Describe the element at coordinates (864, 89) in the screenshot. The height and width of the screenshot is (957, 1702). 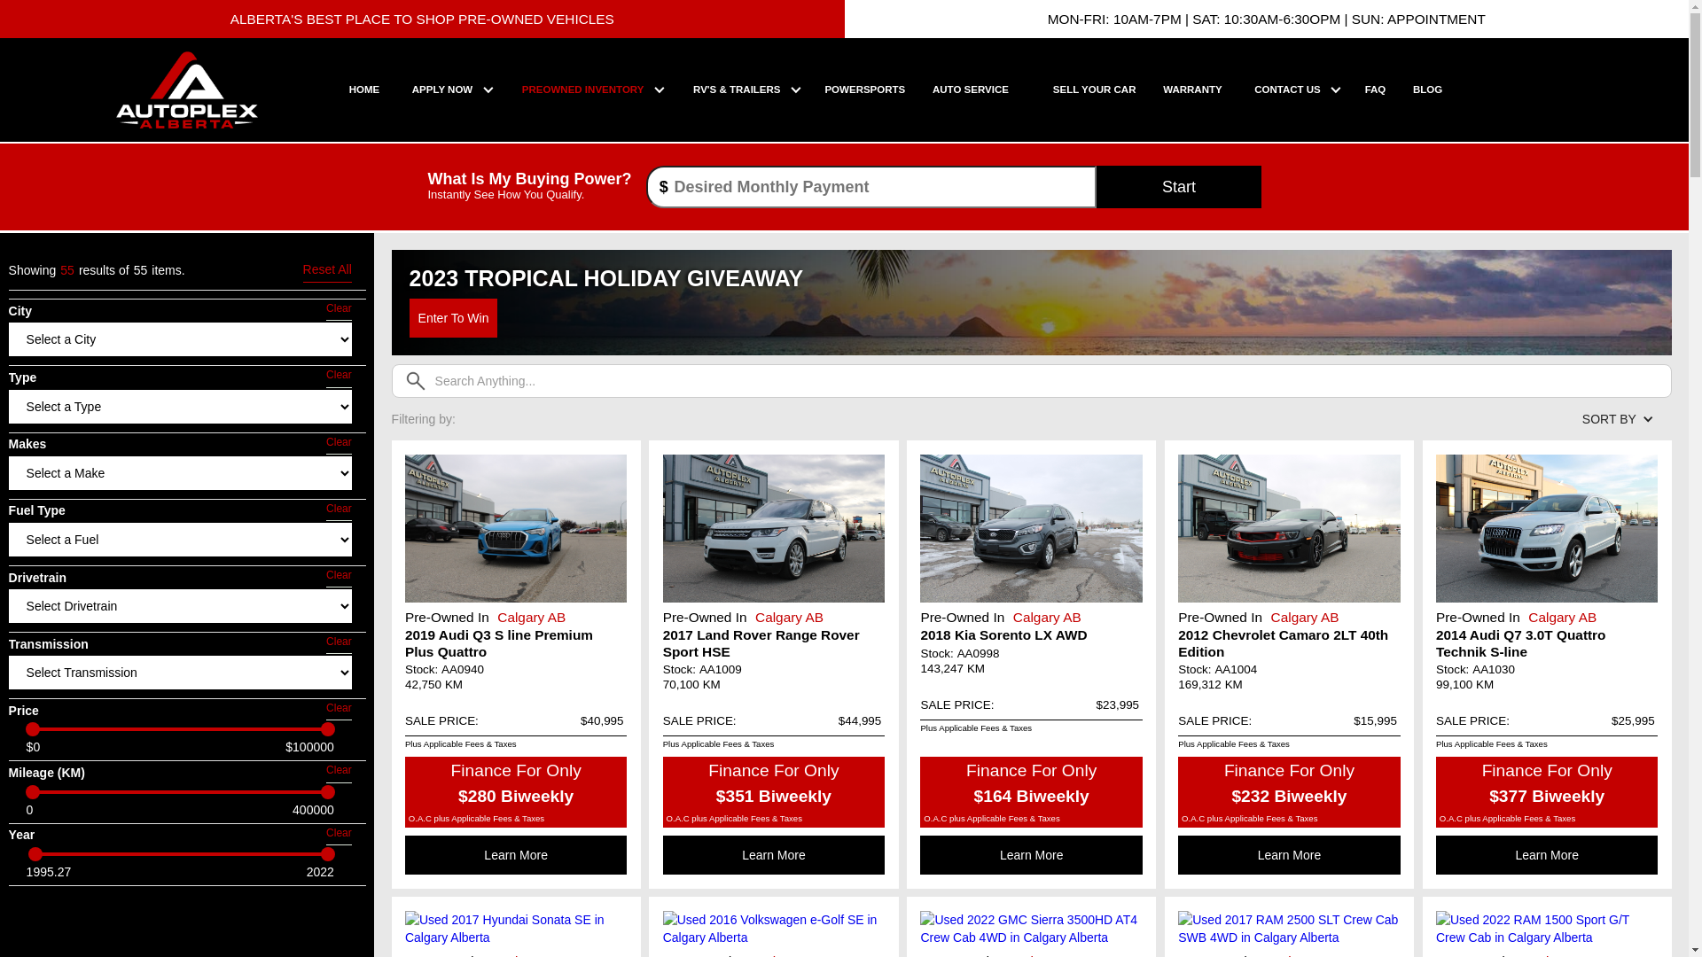
I see `'POWERSPORTS'` at that location.